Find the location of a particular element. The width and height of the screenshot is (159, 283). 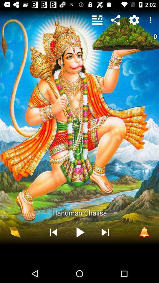

icon below hanuman chalisa item is located at coordinates (144, 232).